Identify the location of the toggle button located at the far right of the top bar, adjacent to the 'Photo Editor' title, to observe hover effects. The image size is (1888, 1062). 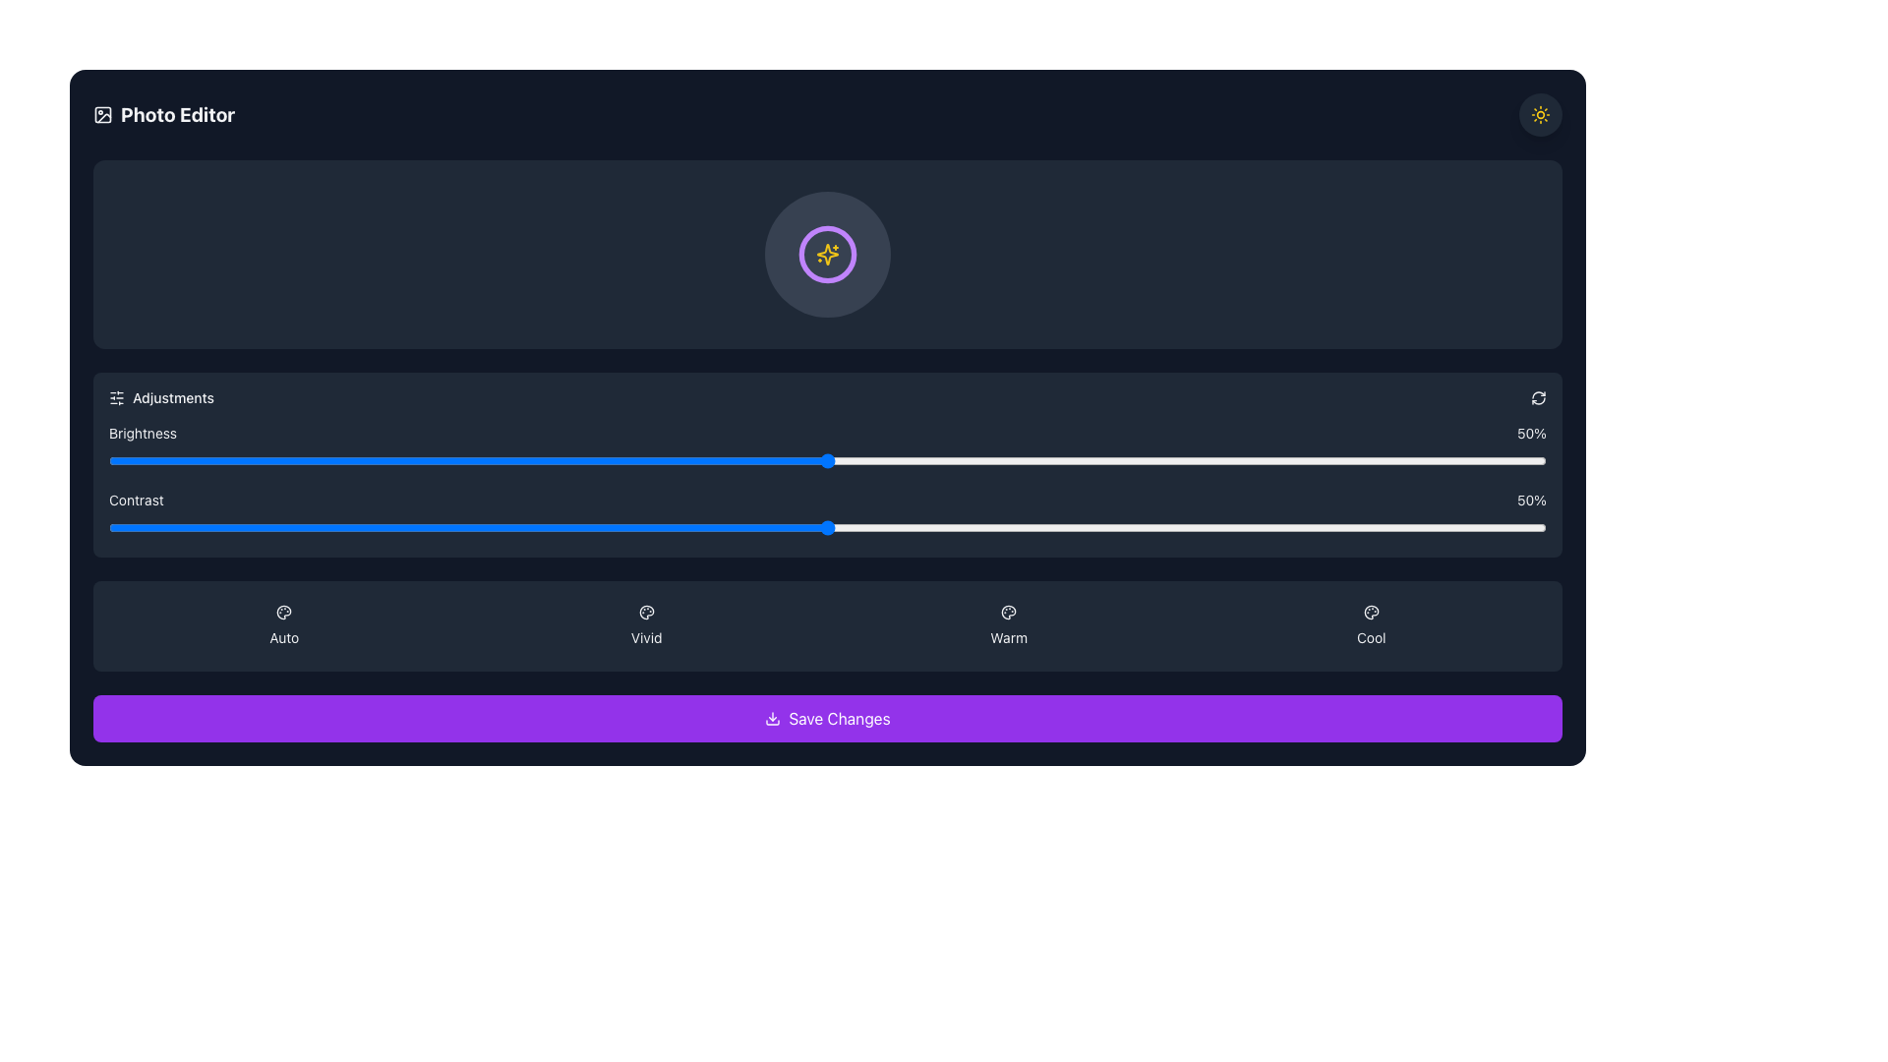
(1539, 114).